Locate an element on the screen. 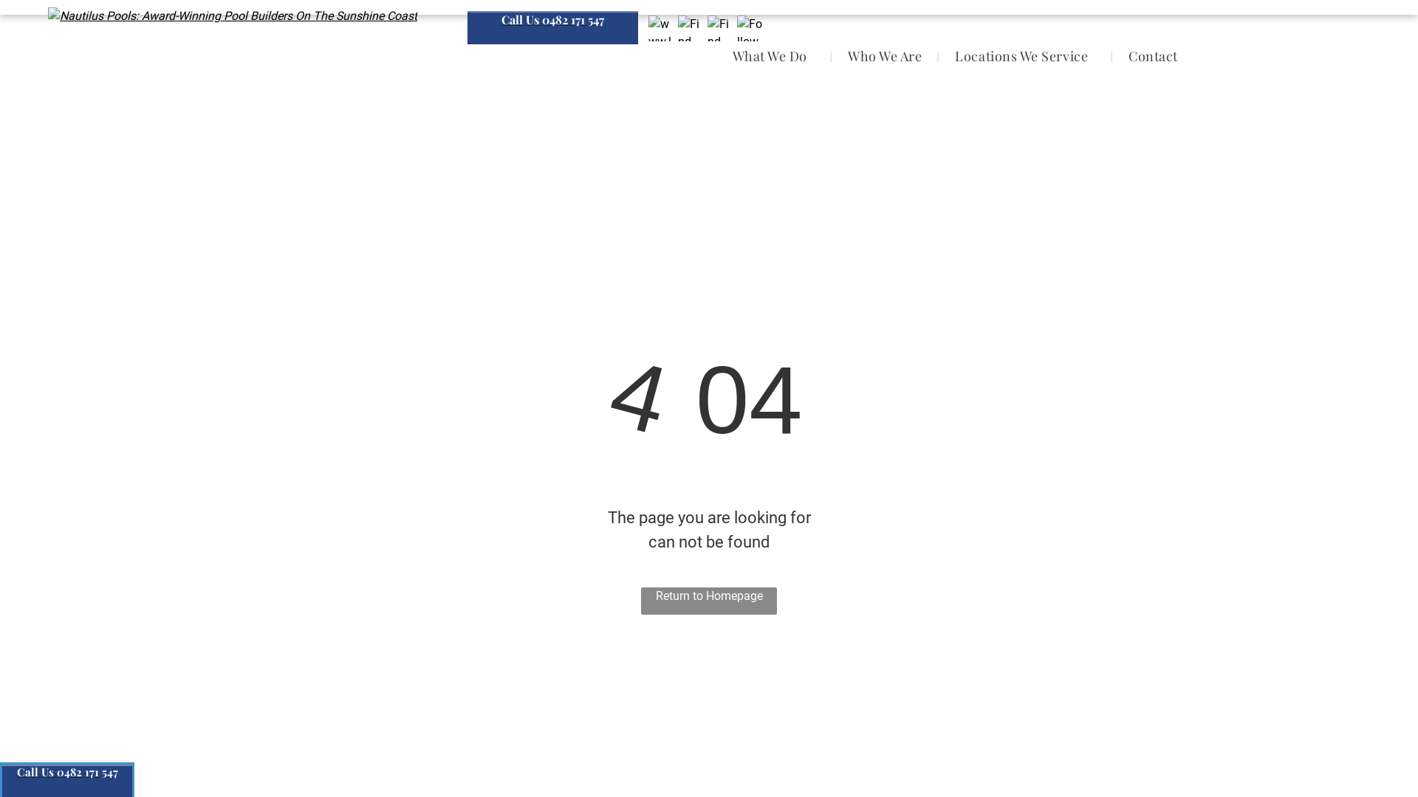 Image resolution: width=1418 pixels, height=797 pixels. 'Find Us On GMB' is located at coordinates (707, 28).